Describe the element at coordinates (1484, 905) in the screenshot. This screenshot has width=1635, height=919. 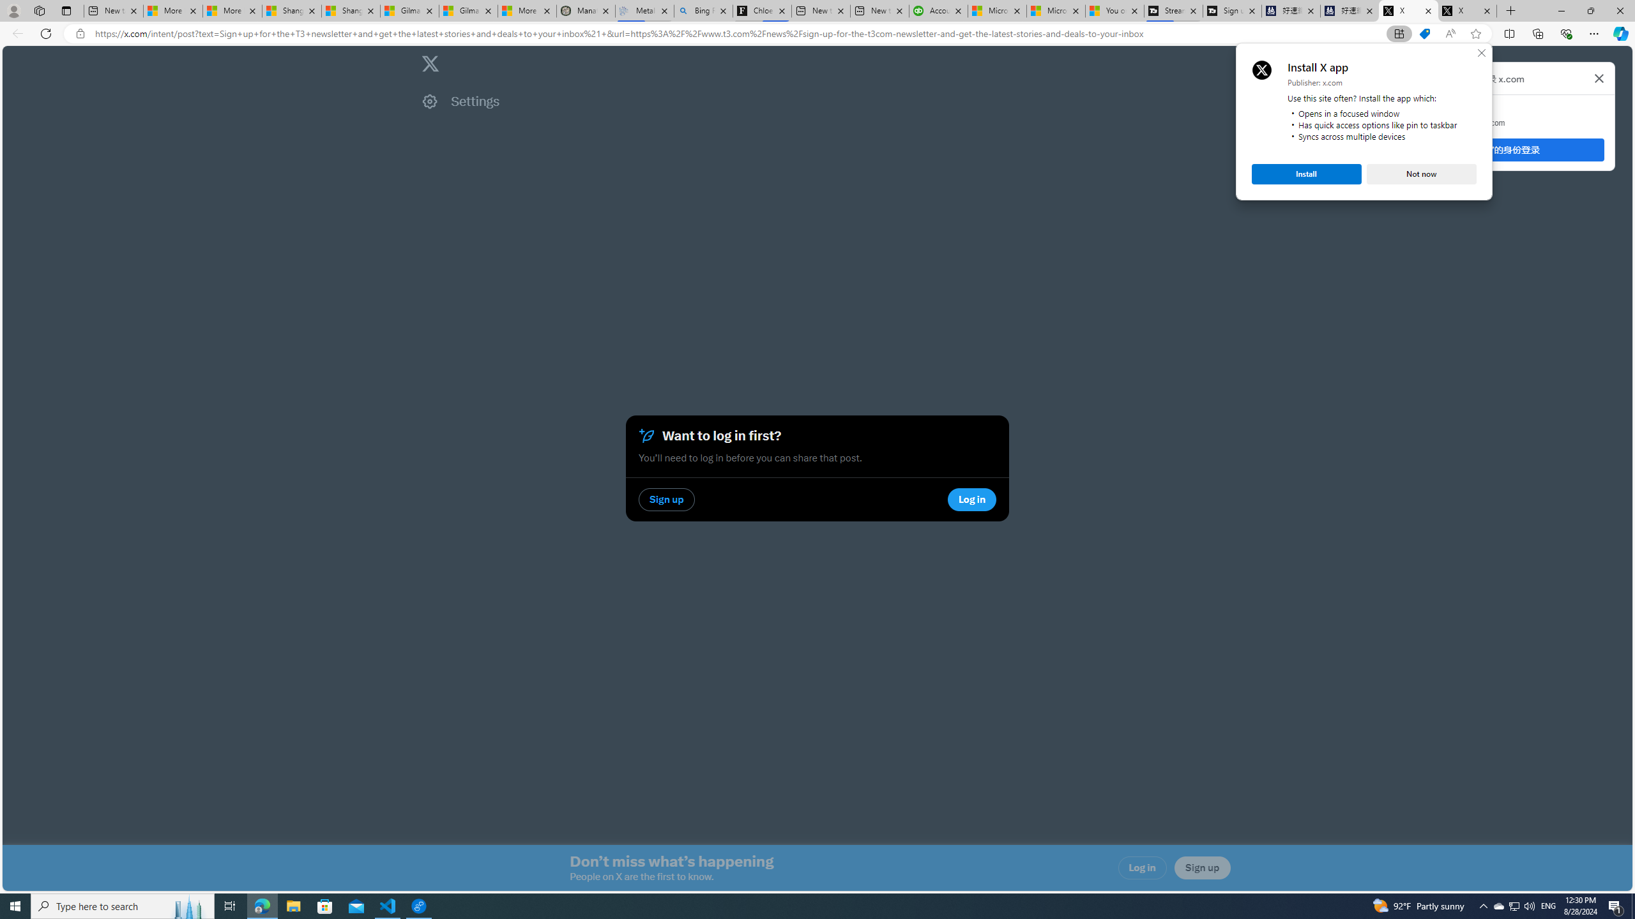
I see `'Notification Chevron'` at that location.